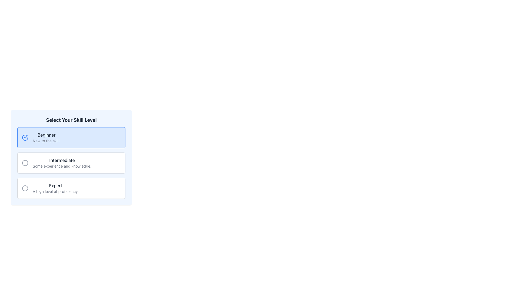  I want to click on the circular selection indicator for the 'Intermediate' skill level, so click(25, 163).